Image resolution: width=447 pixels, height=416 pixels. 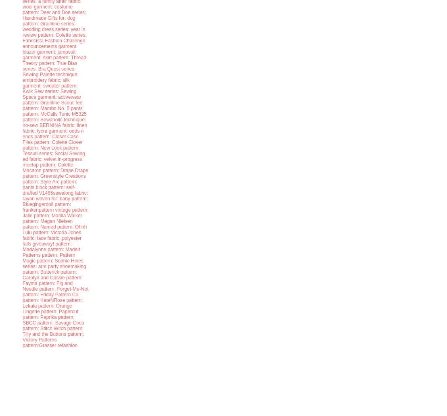 What do you see at coordinates (59, 311) in the screenshot?
I see `'pattern: Papercut'` at bounding box center [59, 311].